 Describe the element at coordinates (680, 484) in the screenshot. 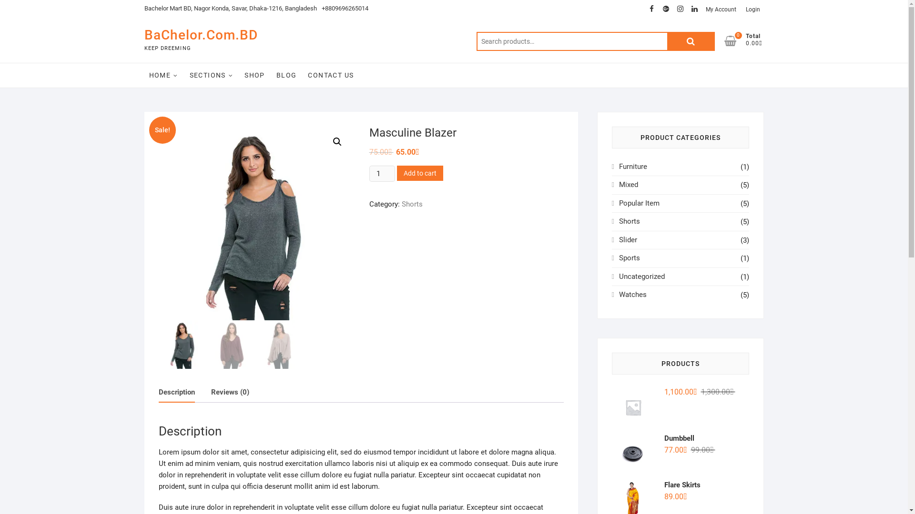

I see `'Flare Skirts'` at that location.